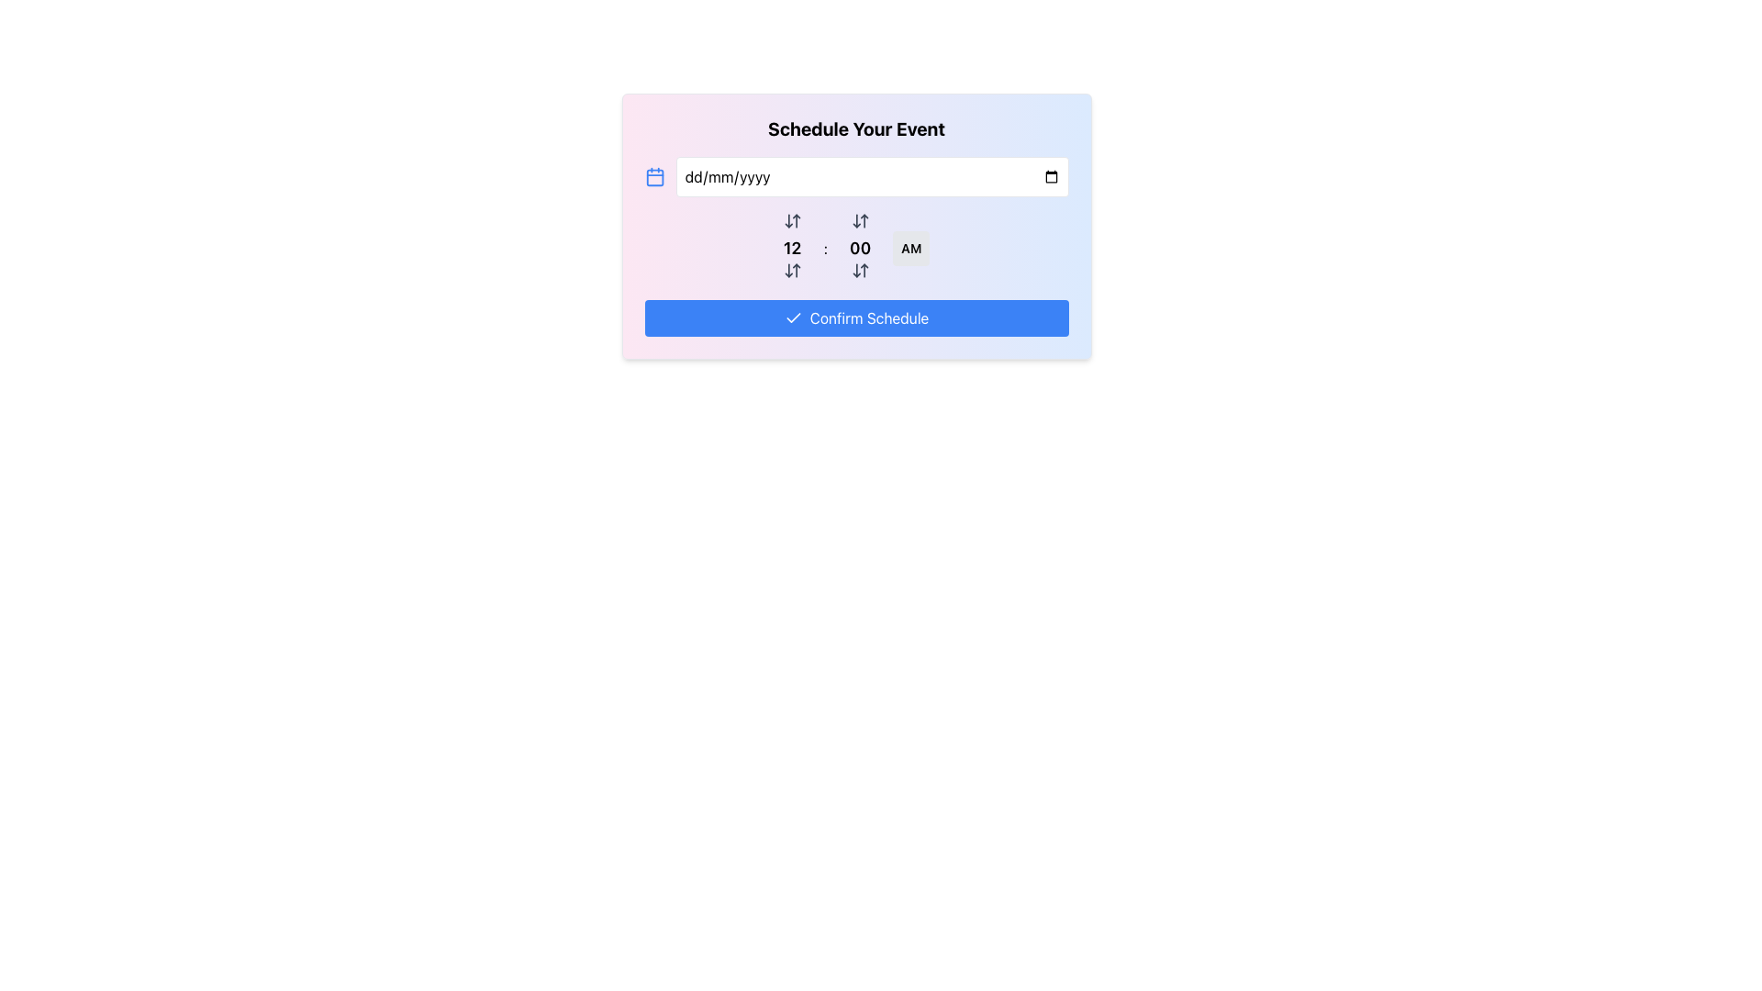 The image size is (1762, 991). Describe the element at coordinates (911, 248) in the screenshot. I see `the 'AM' toggle button located to the far right of the time input section, adjacent to the minute field ('00')` at that location.